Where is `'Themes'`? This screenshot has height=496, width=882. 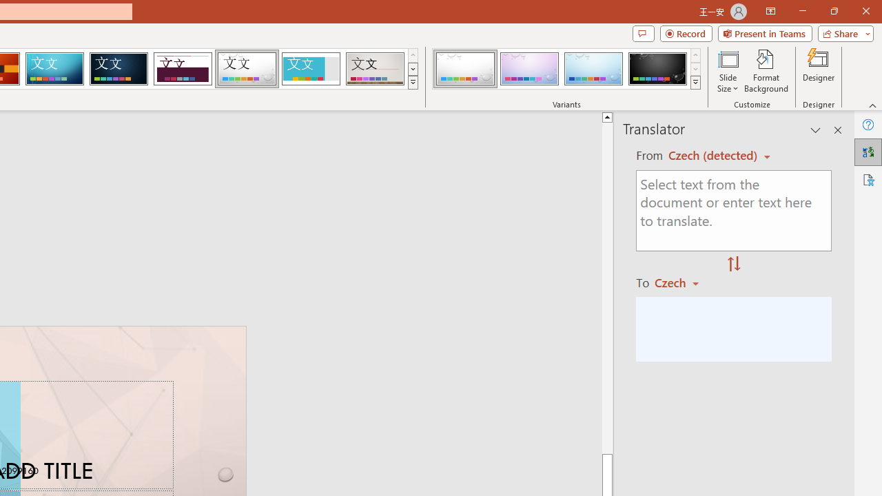
'Themes' is located at coordinates (412, 83).